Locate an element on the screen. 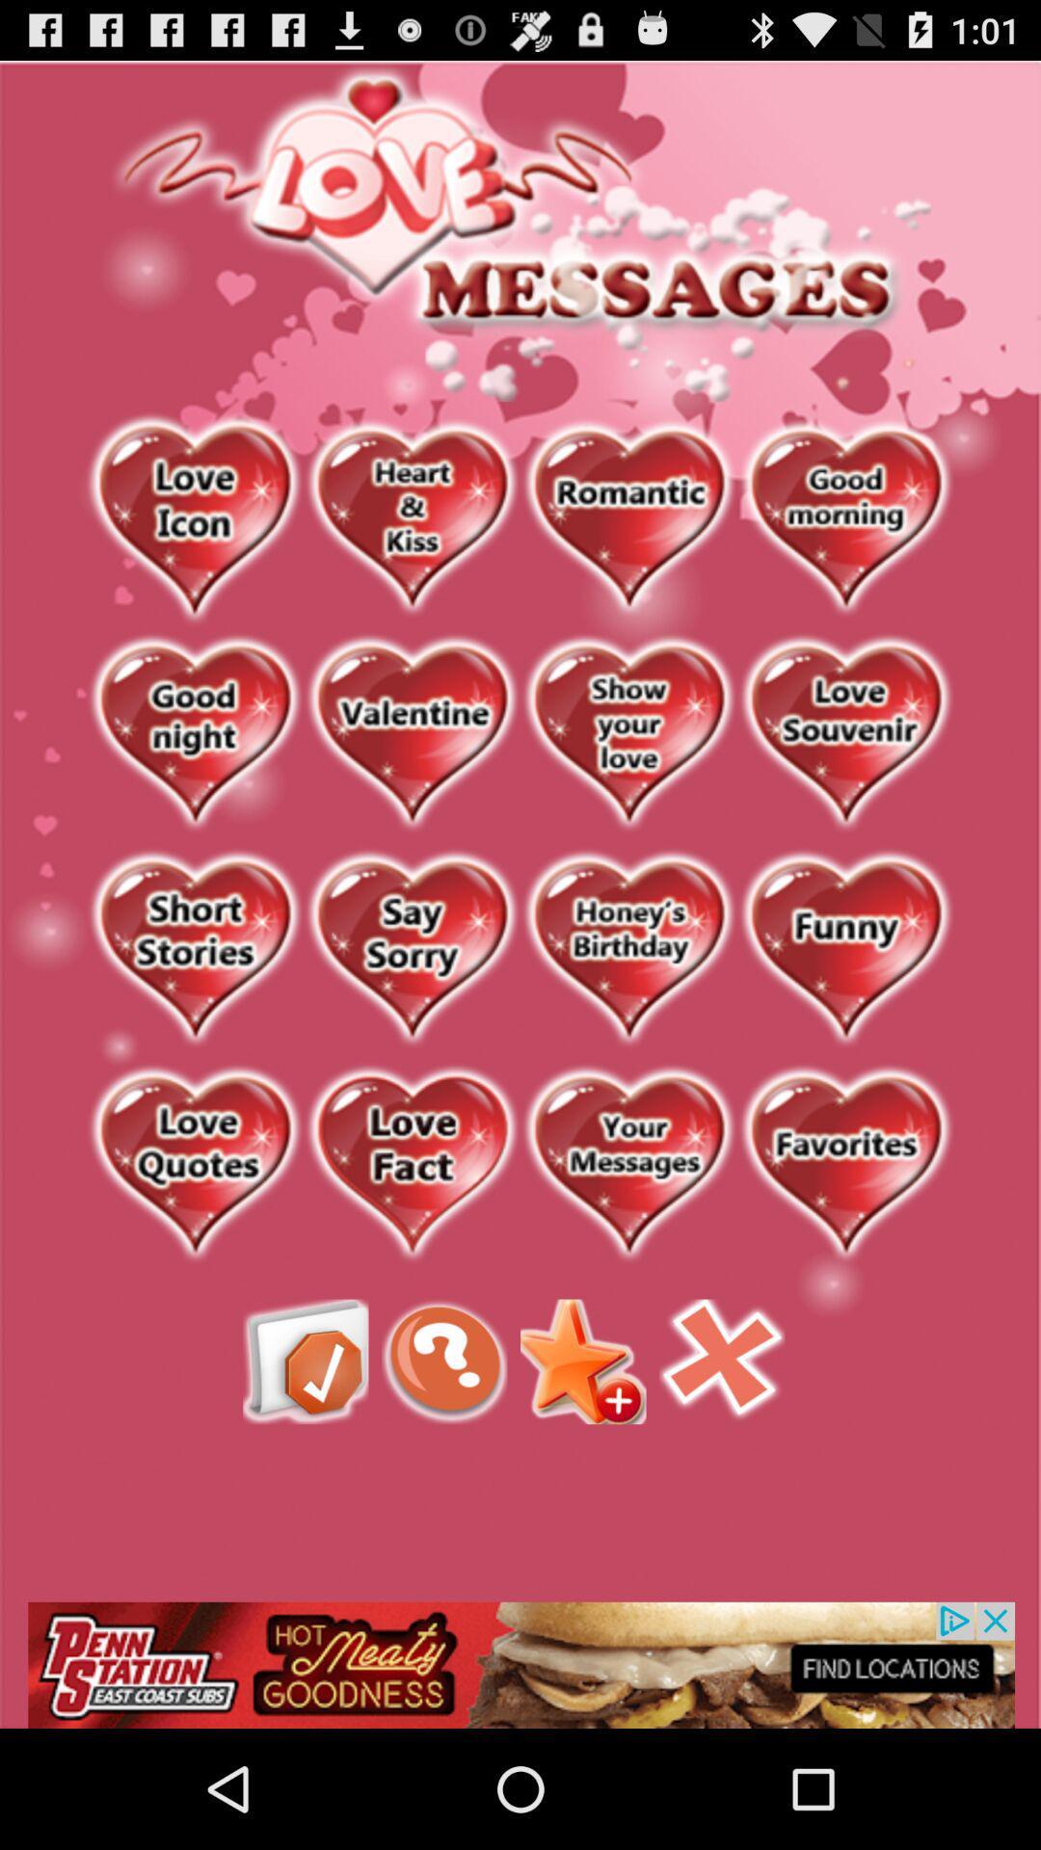 The width and height of the screenshot is (1041, 1850). click for valentine love messages is located at coordinates (411, 733).